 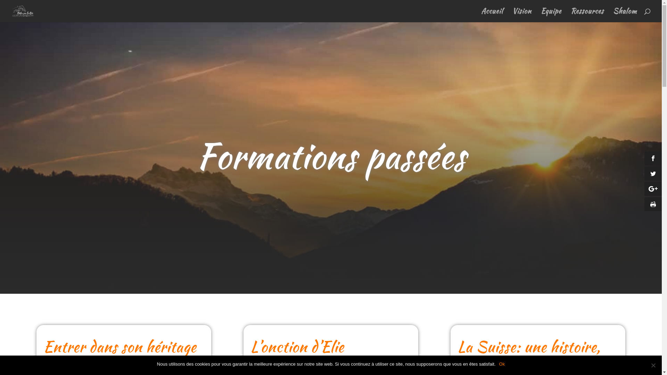 I want to click on 'Ressources', so click(x=587, y=15).